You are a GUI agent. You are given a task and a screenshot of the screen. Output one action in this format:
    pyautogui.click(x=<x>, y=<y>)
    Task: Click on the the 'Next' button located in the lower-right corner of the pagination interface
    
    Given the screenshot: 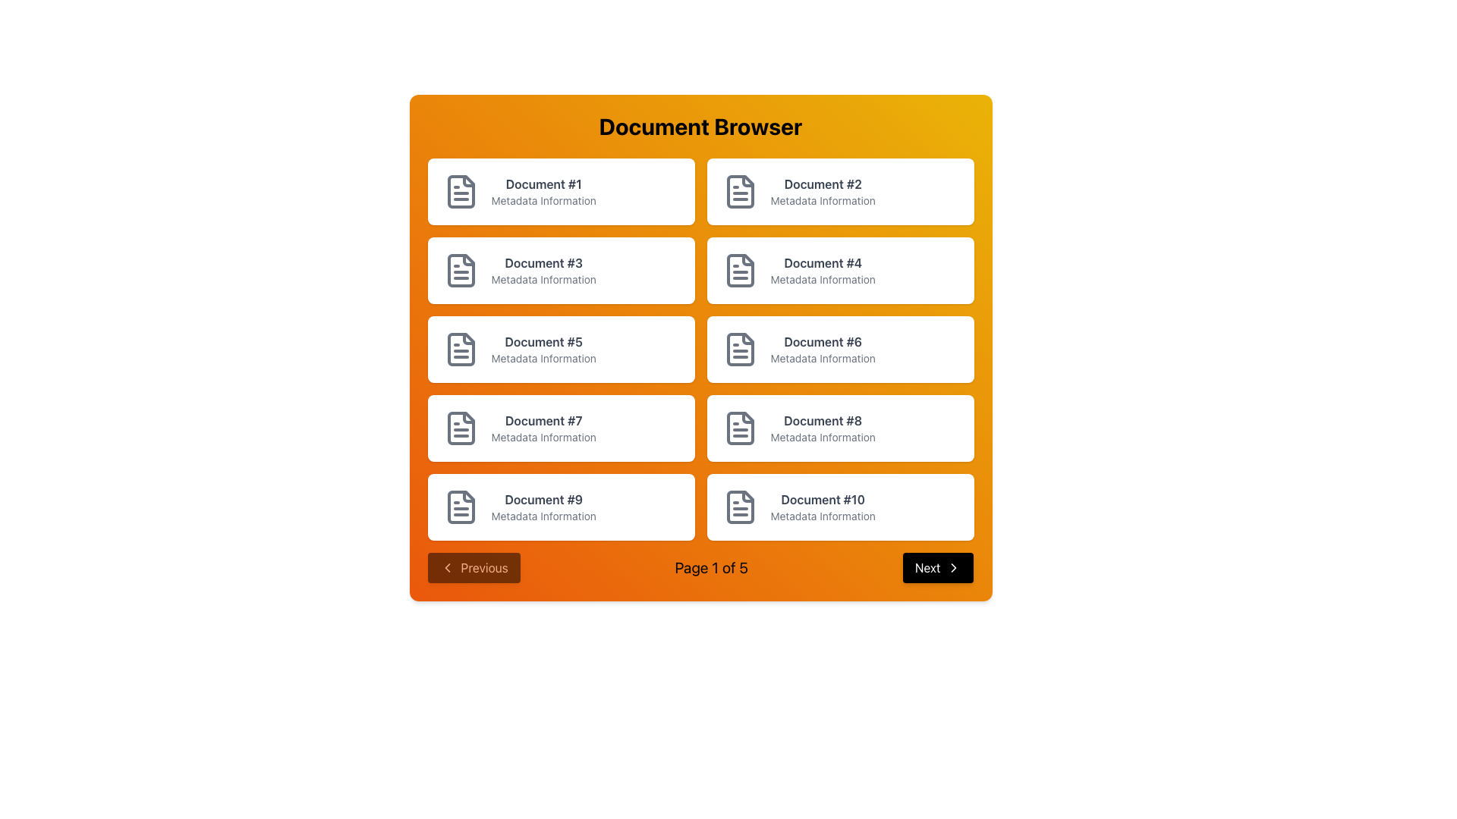 What is the action you would take?
    pyautogui.click(x=937, y=567)
    